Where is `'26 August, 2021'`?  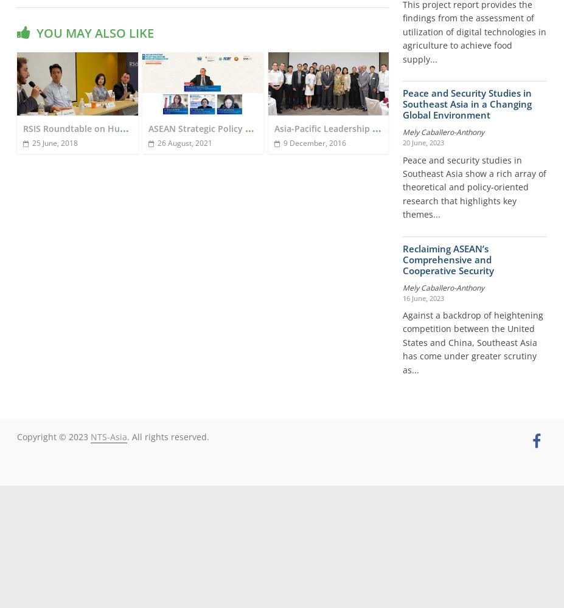 '26 August, 2021' is located at coordinates (184, 142).